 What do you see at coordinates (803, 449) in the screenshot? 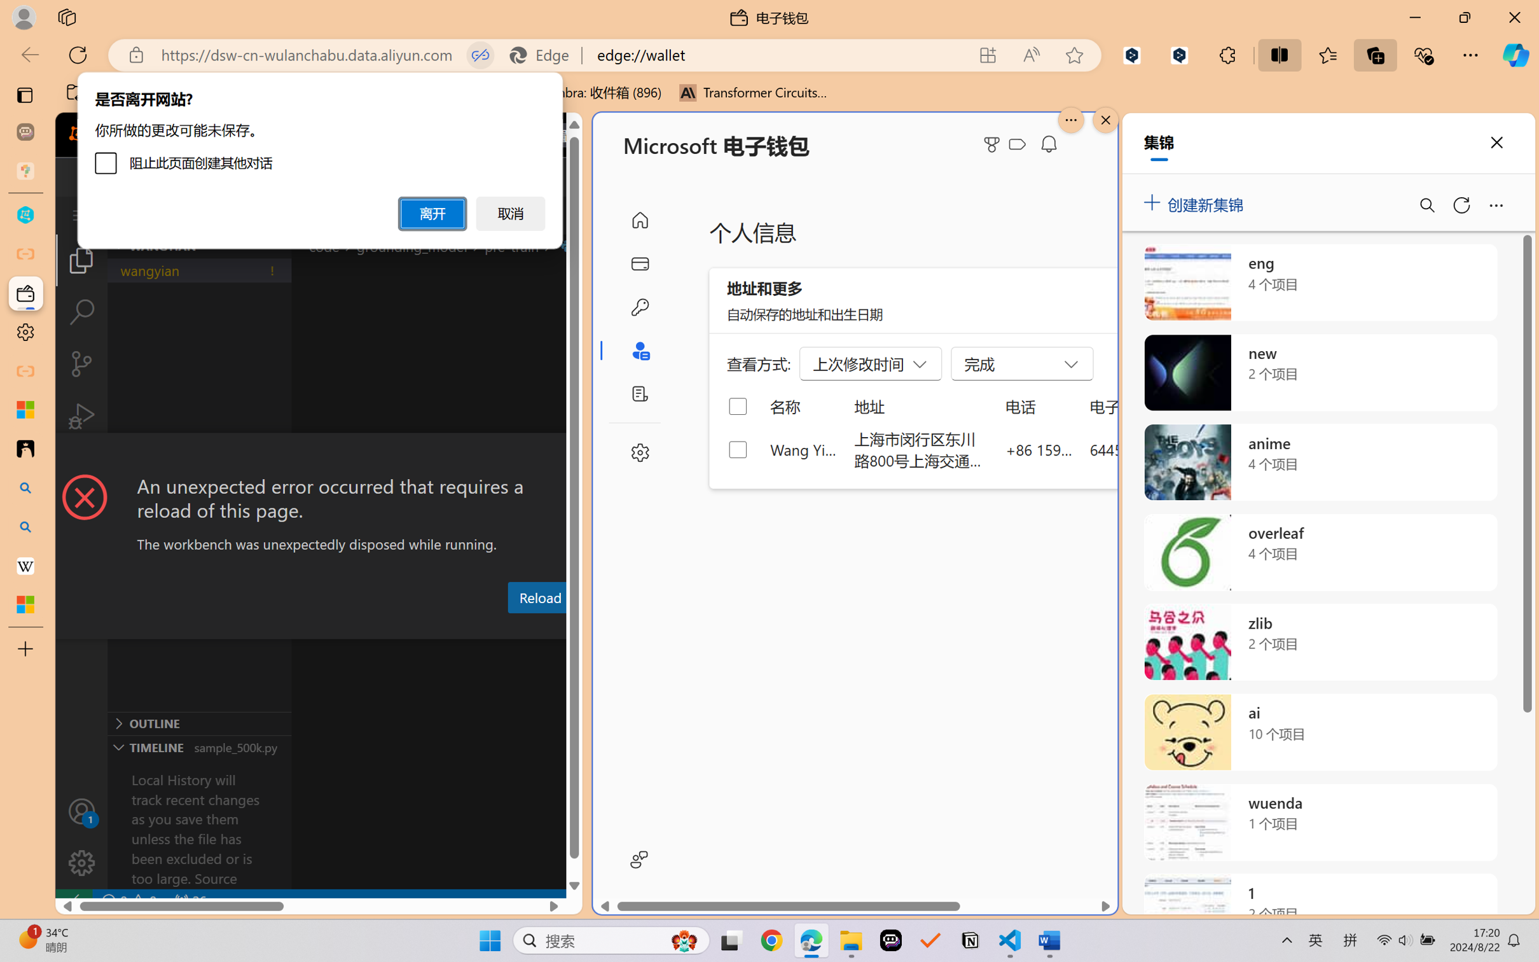
I see `'Wang Yian'` at bounding box center [803, 449].